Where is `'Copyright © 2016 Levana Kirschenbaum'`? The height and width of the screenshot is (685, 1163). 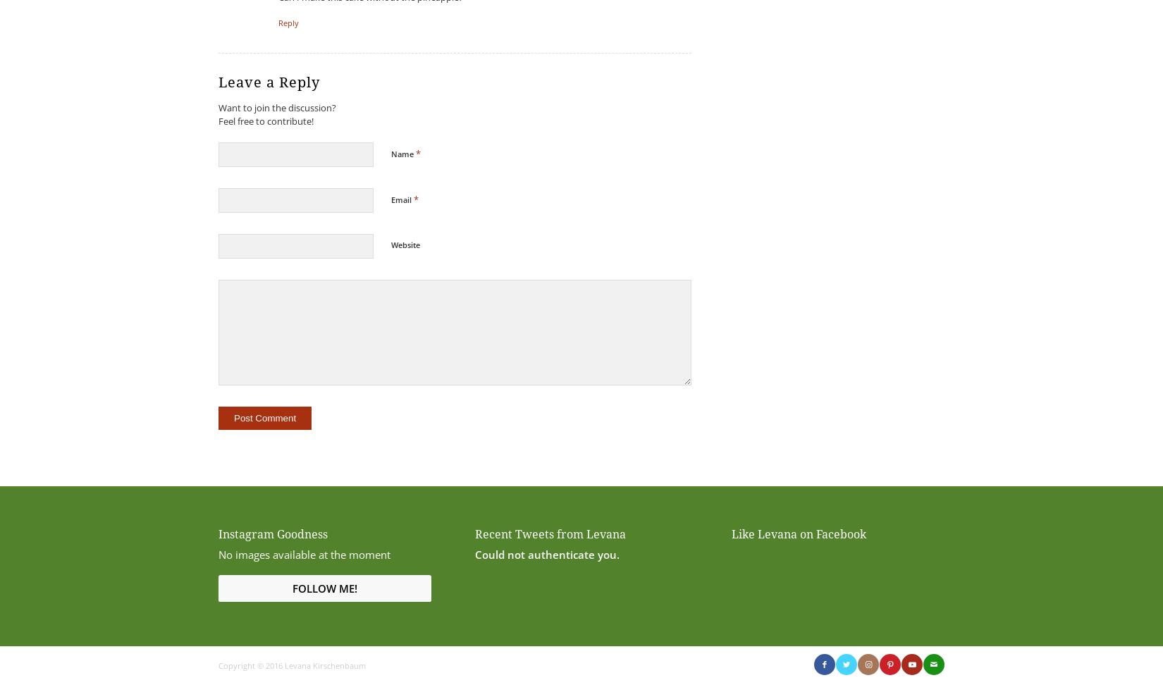
'Copyright © 2016 Levana Kirschenbaum' is located at coordinates (219, 664).